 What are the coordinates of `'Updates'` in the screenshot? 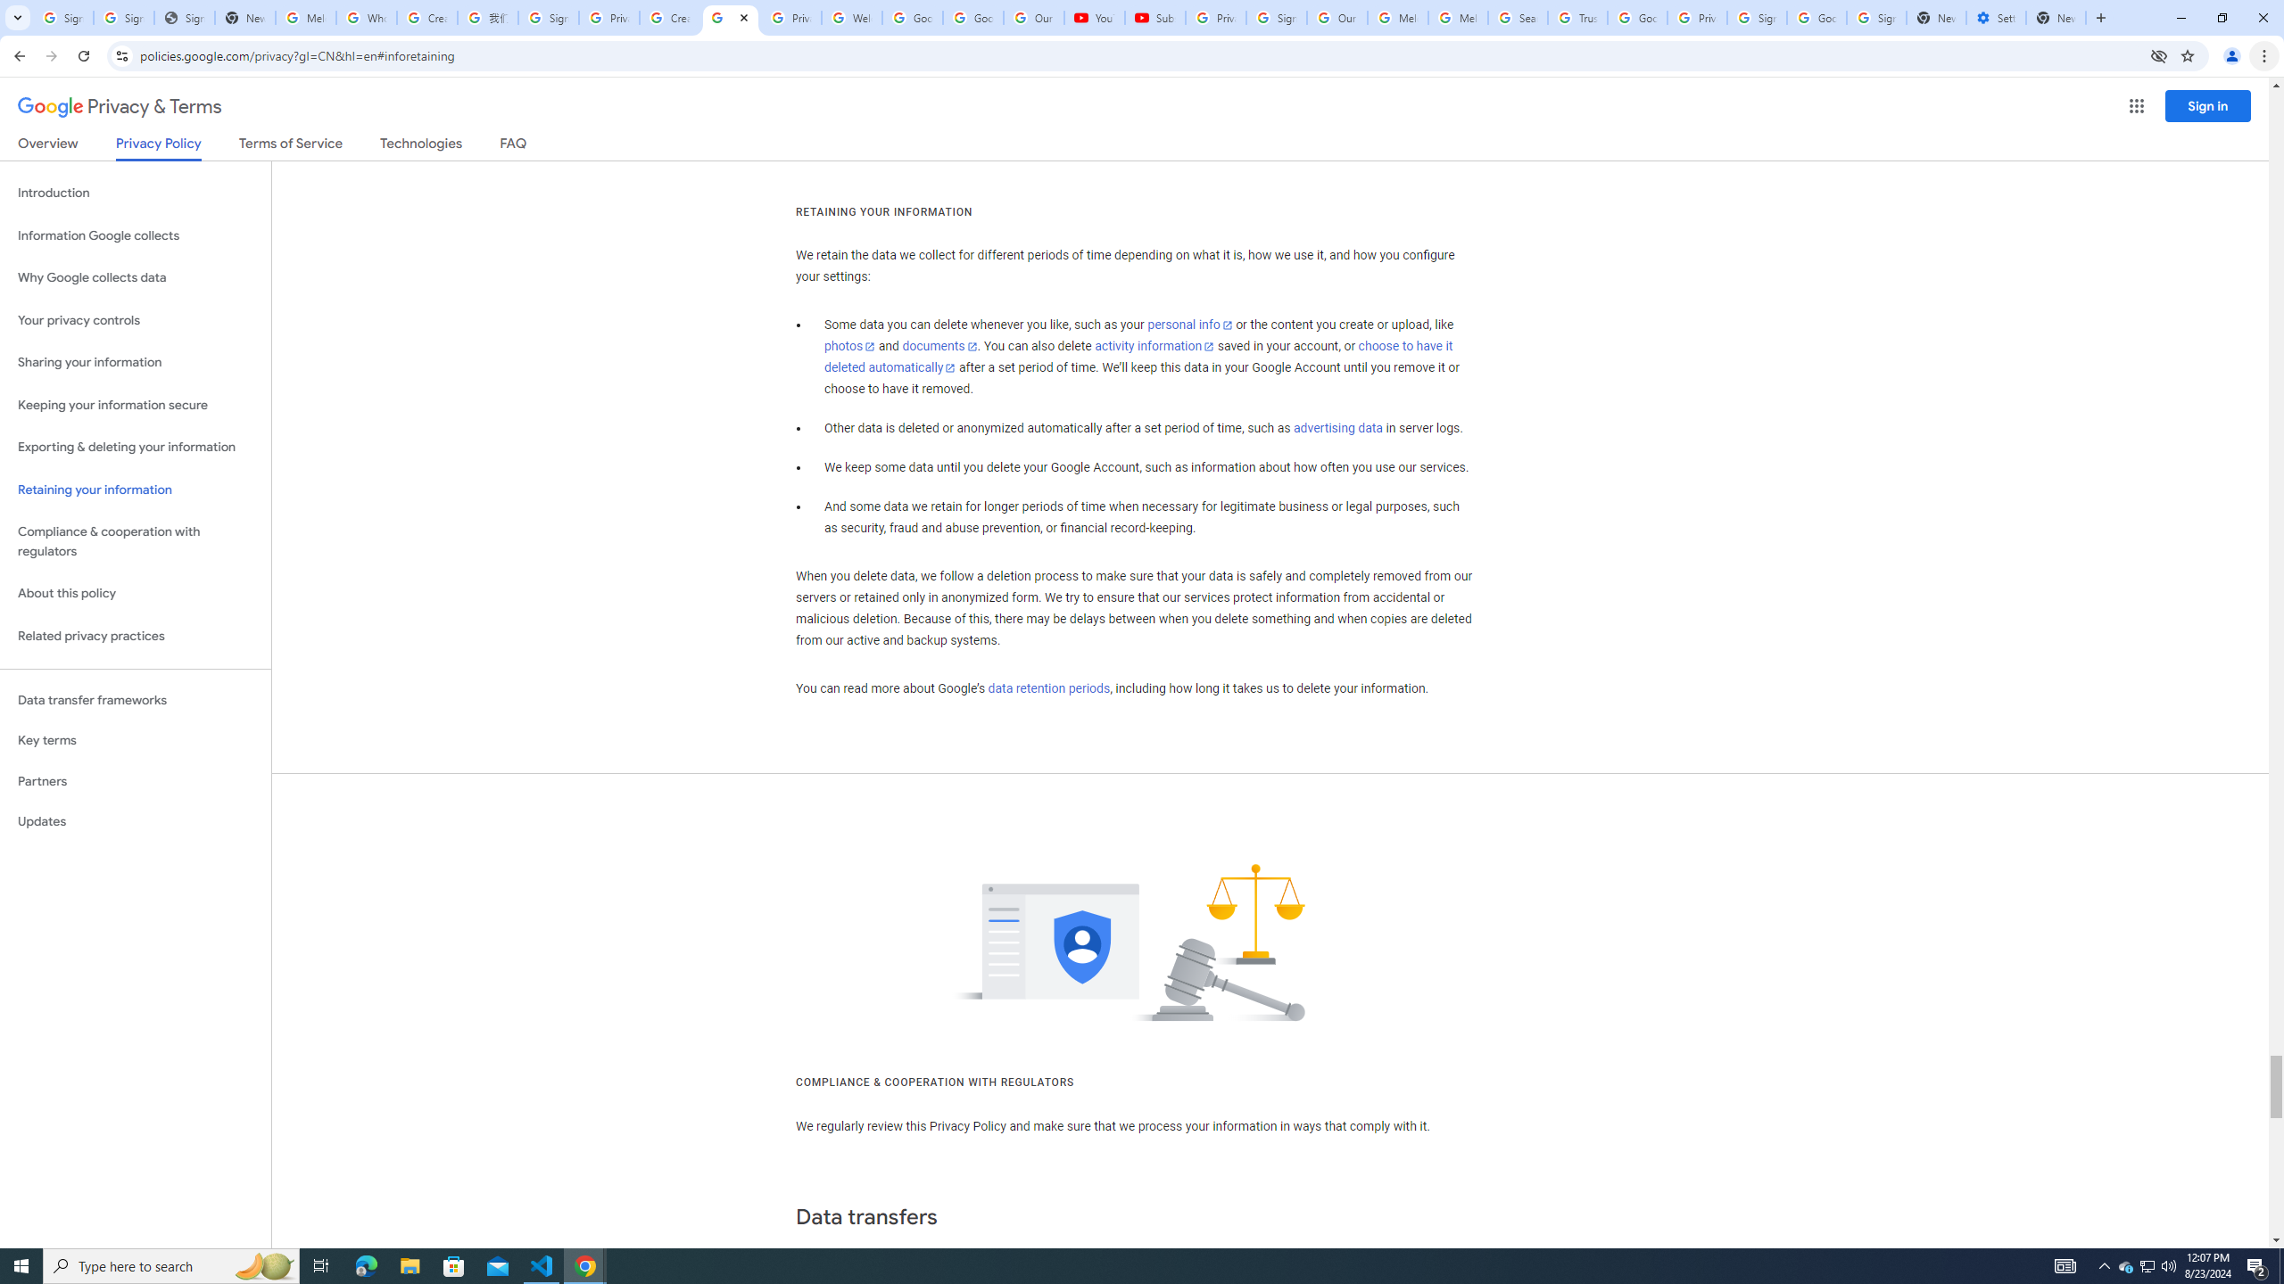 It's located at (135, 820).